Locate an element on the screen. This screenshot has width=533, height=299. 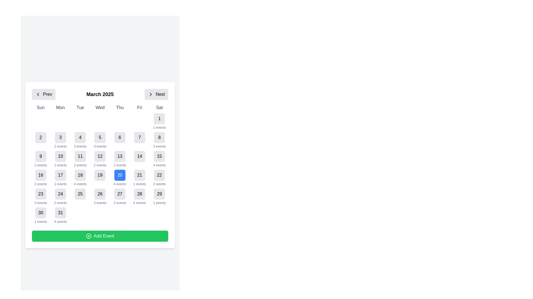
the calendar date button for the 8th day of the month is located at coordinates (159, 137).